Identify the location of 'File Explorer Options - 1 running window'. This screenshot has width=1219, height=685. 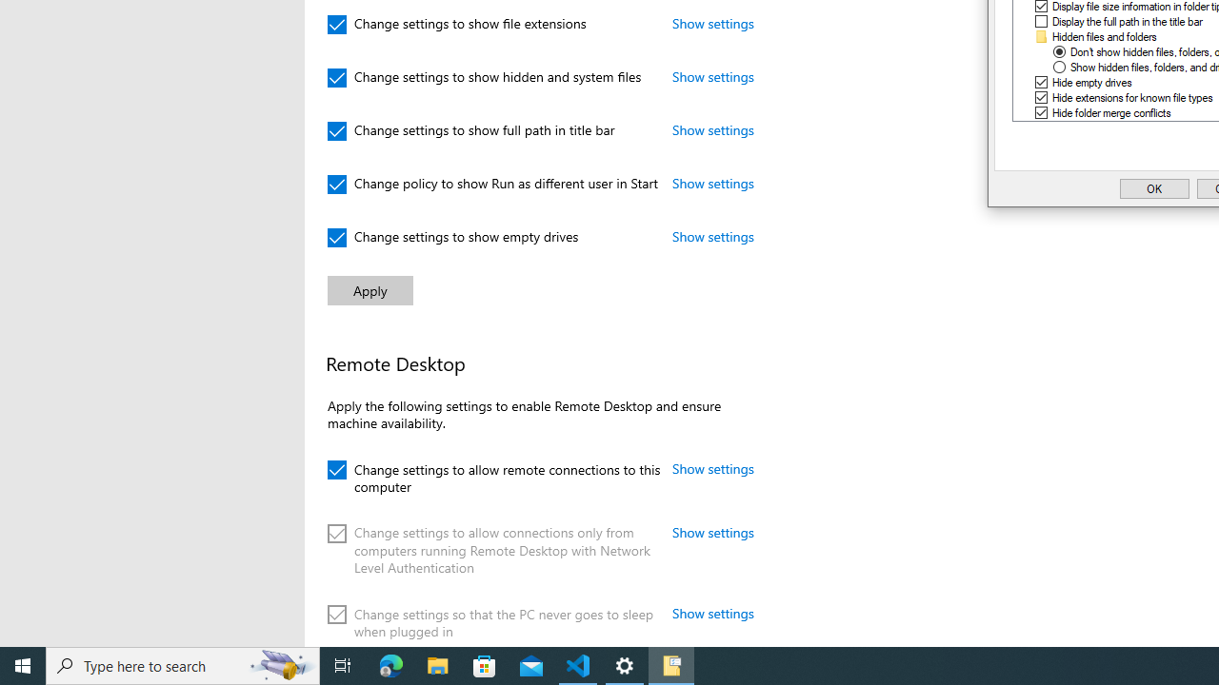
(671, 664).